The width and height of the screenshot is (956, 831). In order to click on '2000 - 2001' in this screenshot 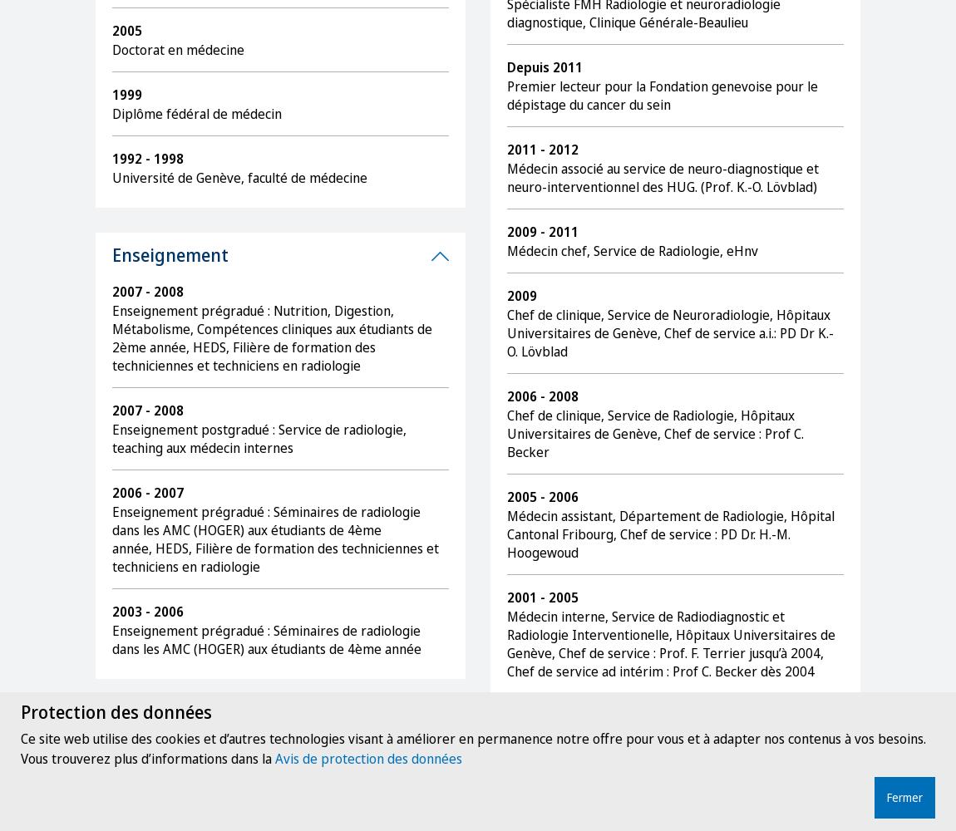, I will do `click(541, 715)`.